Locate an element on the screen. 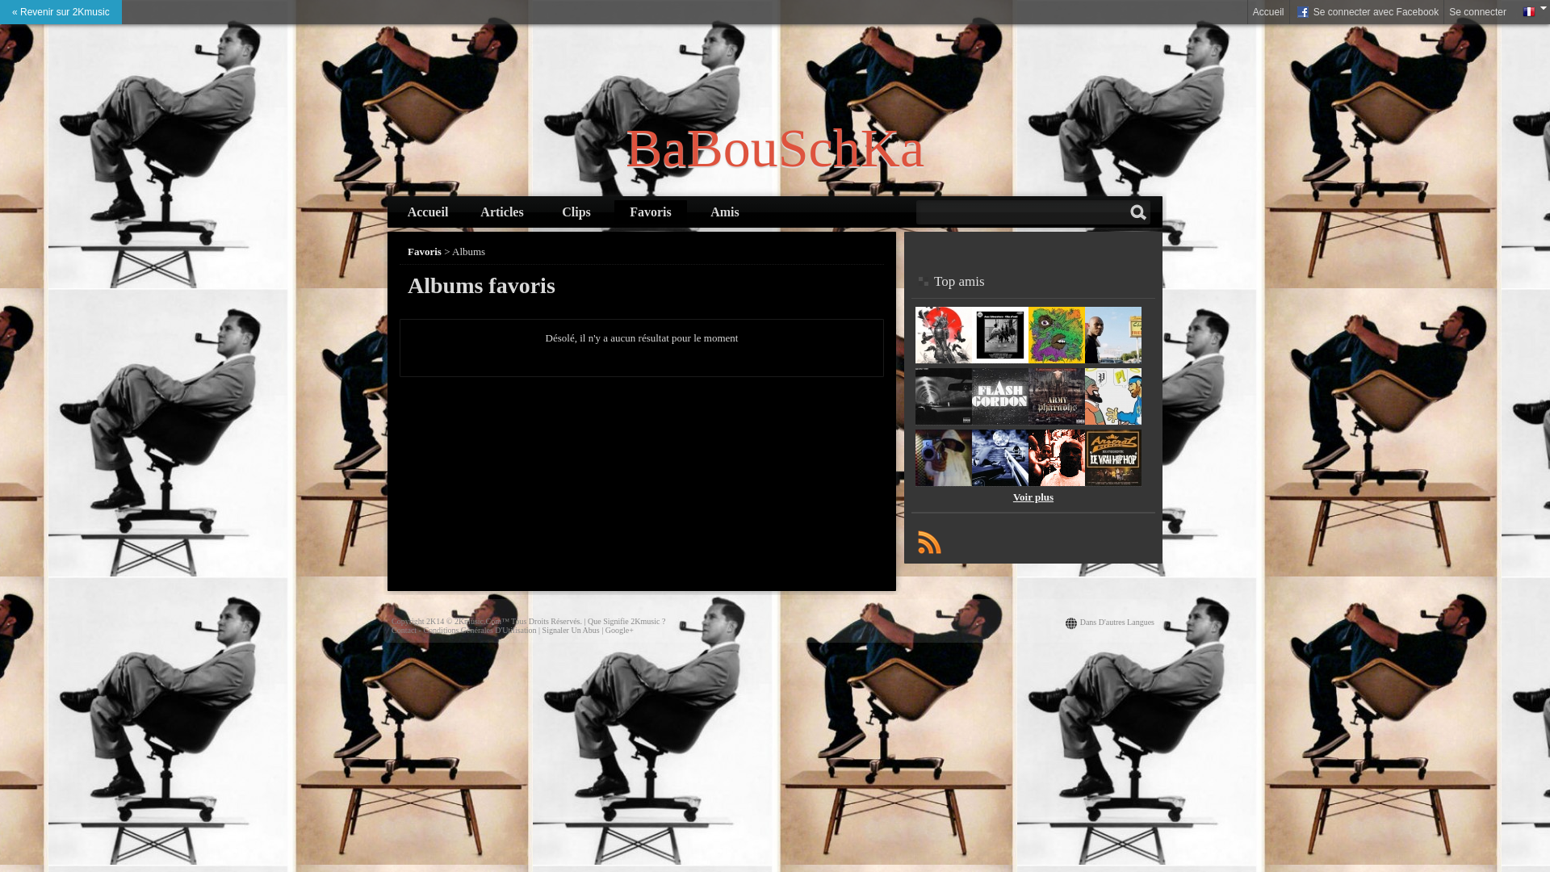  'Signaler Un Abus' is located at coordinates (571, 629).